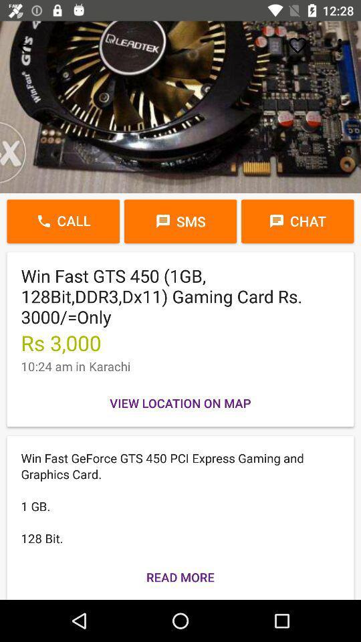  Describe the element at coordinates (180, 338) in the screenshot. I see `the item which is under call button` at that location.